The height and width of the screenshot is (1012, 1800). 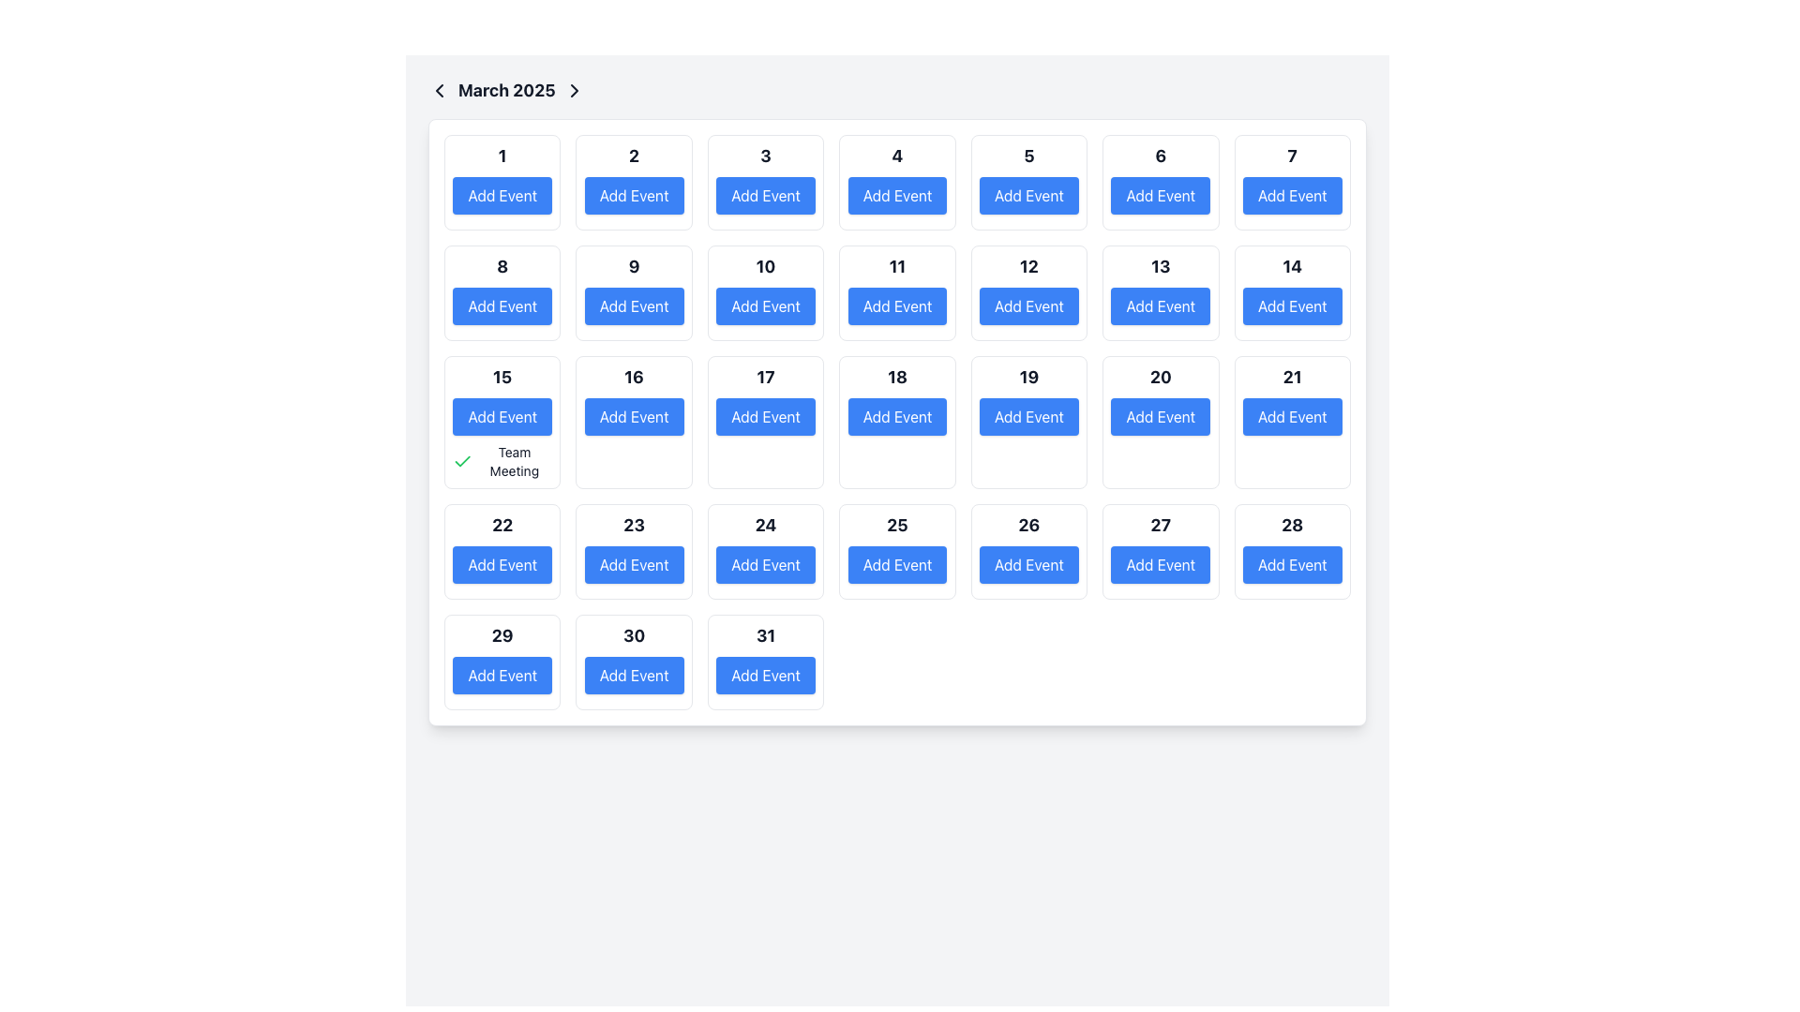 What do you see at coordinates (766, 563) in the screenshot?
I see `the button that allows users to add an event to the date '24' in the calendar layout to observe any hover-specific visual changes` at bounding box center [766, 563].